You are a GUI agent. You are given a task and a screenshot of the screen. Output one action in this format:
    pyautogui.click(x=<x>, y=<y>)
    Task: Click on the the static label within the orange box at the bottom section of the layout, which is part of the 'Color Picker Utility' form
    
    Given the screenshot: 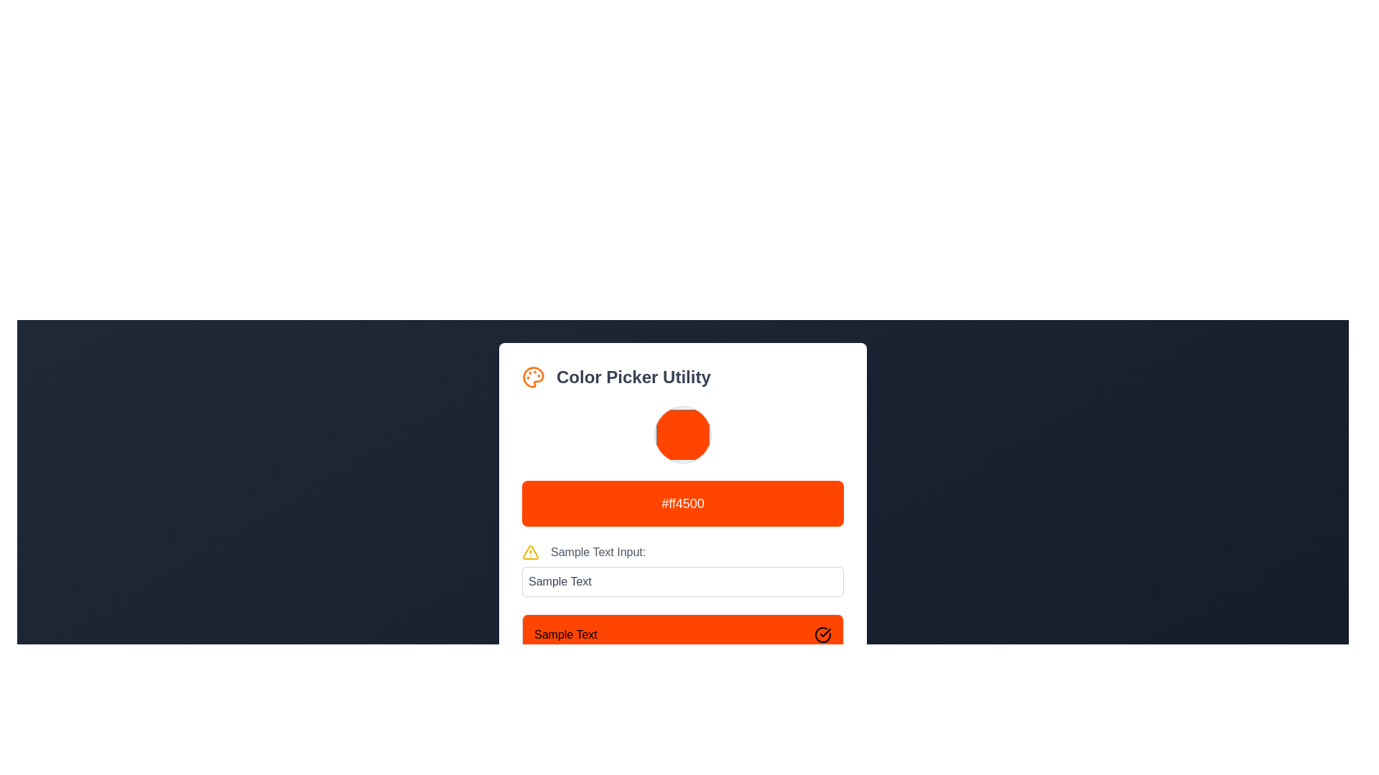 What is the action you would take?
    pyautogui.click(x=565, y=634)
    